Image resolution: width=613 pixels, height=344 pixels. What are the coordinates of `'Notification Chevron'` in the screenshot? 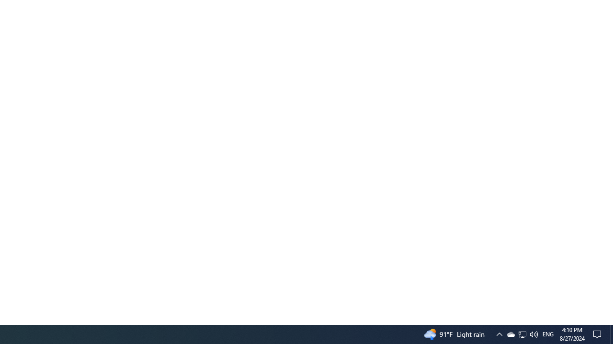 It's located at (499, 333).